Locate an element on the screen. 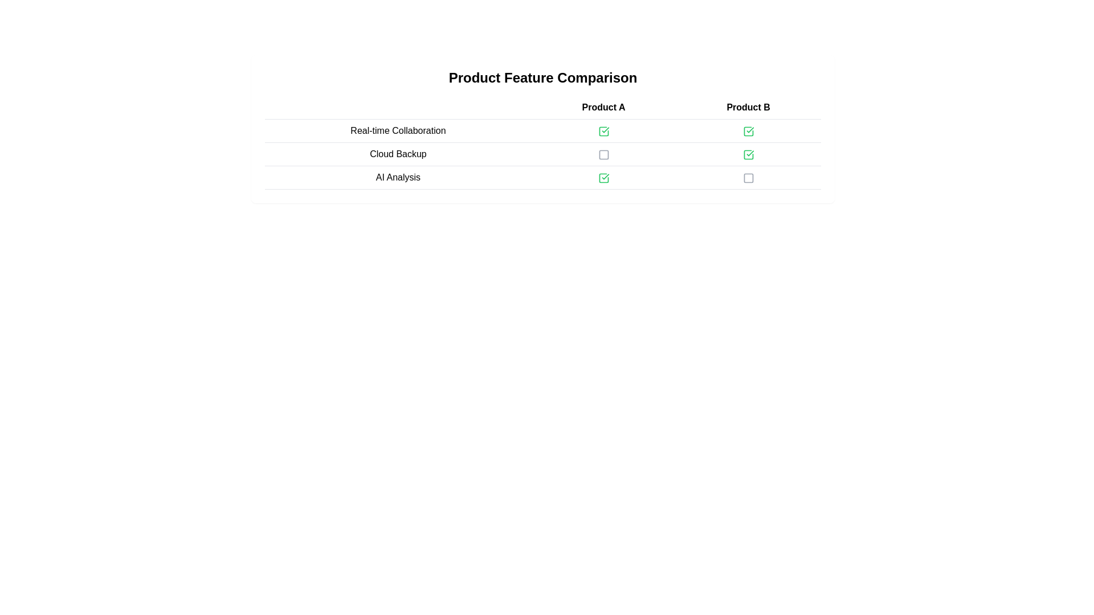  the green checkmark icon located under the 'Product A' column is located at coordinates (603, 130).